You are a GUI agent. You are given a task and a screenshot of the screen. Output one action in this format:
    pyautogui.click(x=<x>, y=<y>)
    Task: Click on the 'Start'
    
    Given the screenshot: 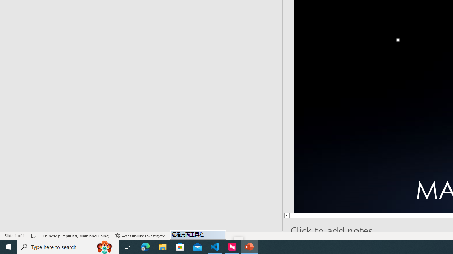 What is the action you would take?
    pyautogui.click(x=8, y=246)
    